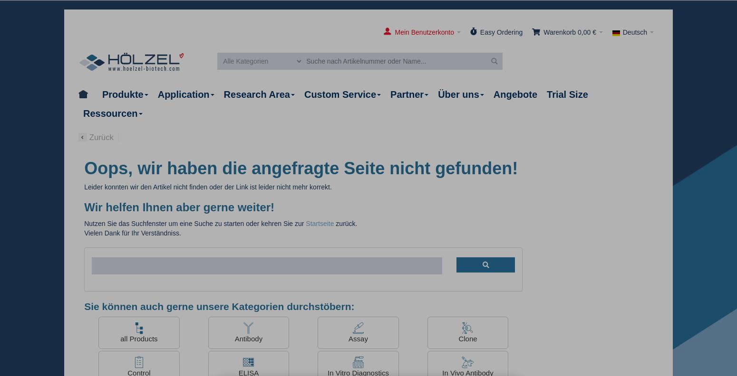 The image size is (737, 376). Describe the element at coordinates (132, 233) in the screenshot. I see `'Vielen Dank für Ihr Verständniss.'` at that location.